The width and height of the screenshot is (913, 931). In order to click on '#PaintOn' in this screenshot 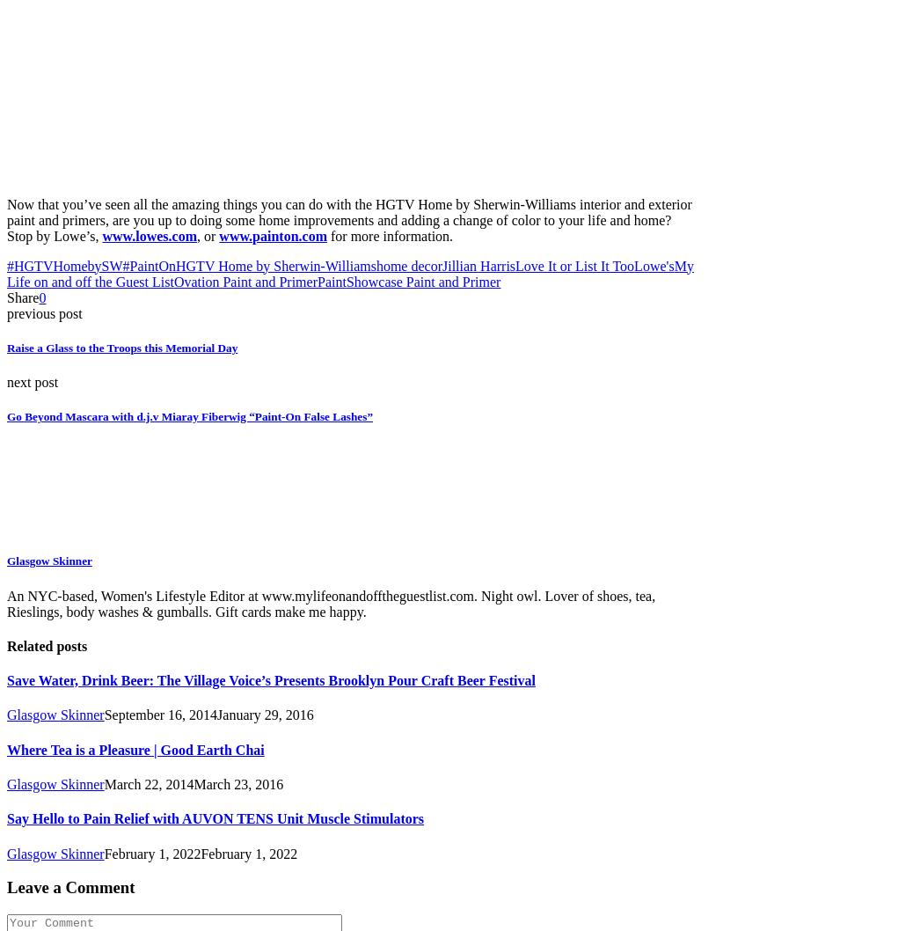, I will do `click(121, 264)`.